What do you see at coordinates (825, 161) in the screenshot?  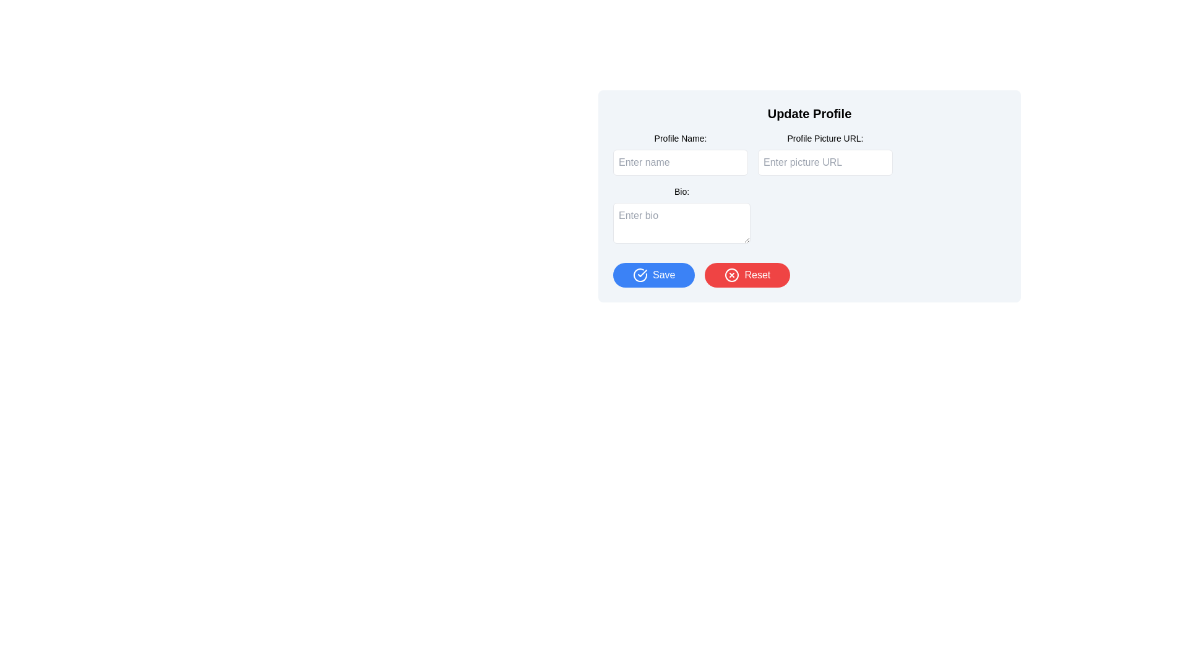 I see `the text input field for the Profile Picture URL, located in the right column under the label 'Profile Picture URL:'` at bounding box center [825, 161].